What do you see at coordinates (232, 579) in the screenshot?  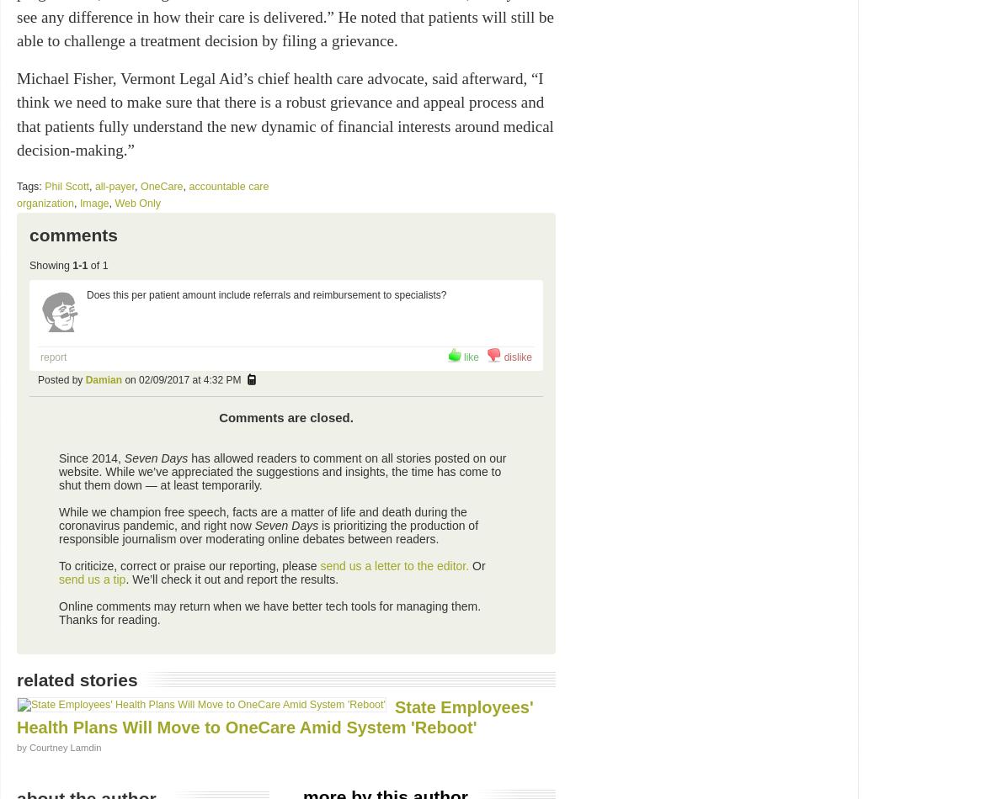 I see `'. We’ll check it out and report the results.'` at bounding box center [232, 579].